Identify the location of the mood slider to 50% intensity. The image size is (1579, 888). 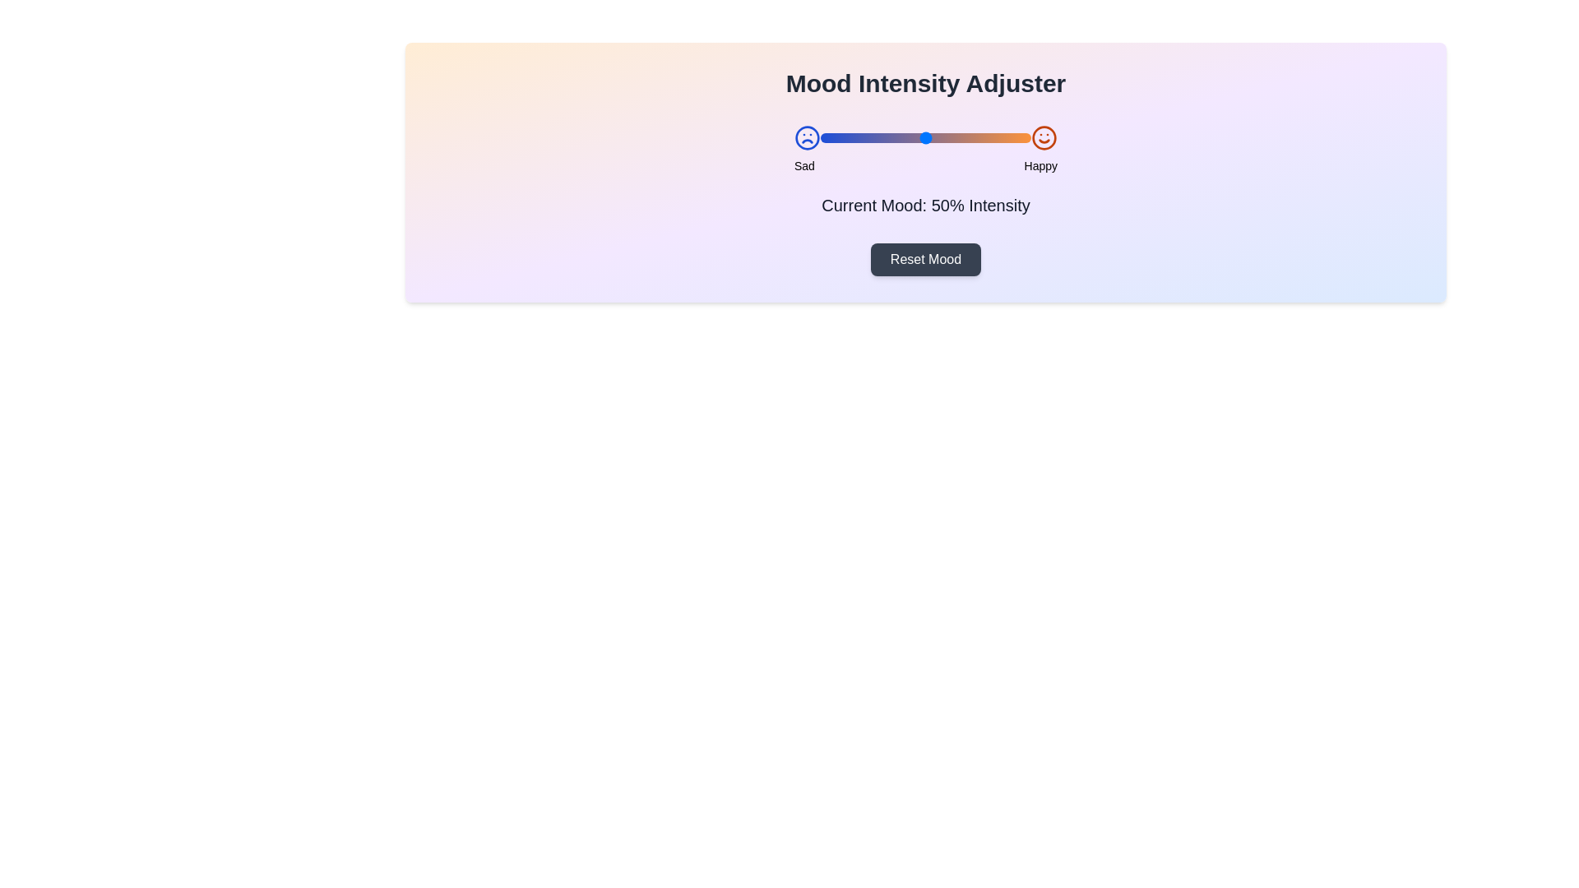
(926, 137).